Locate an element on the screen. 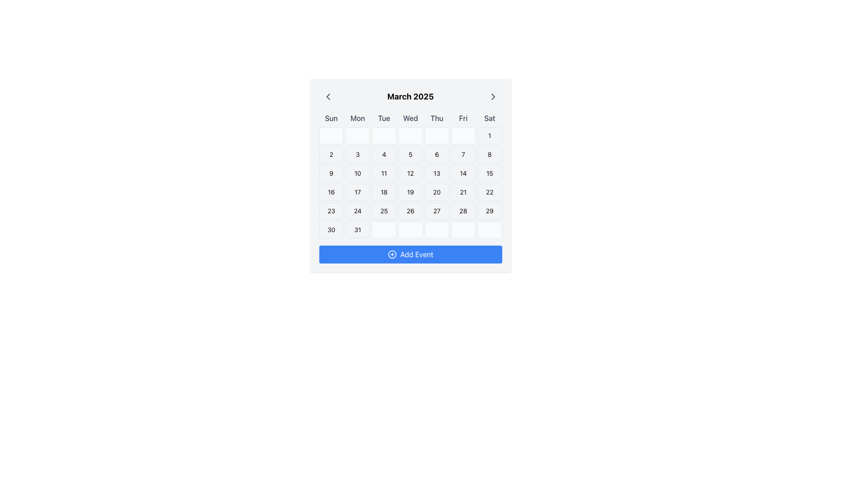  the calendar grid cell containing the number '19' is located at coordinates (410, 191).